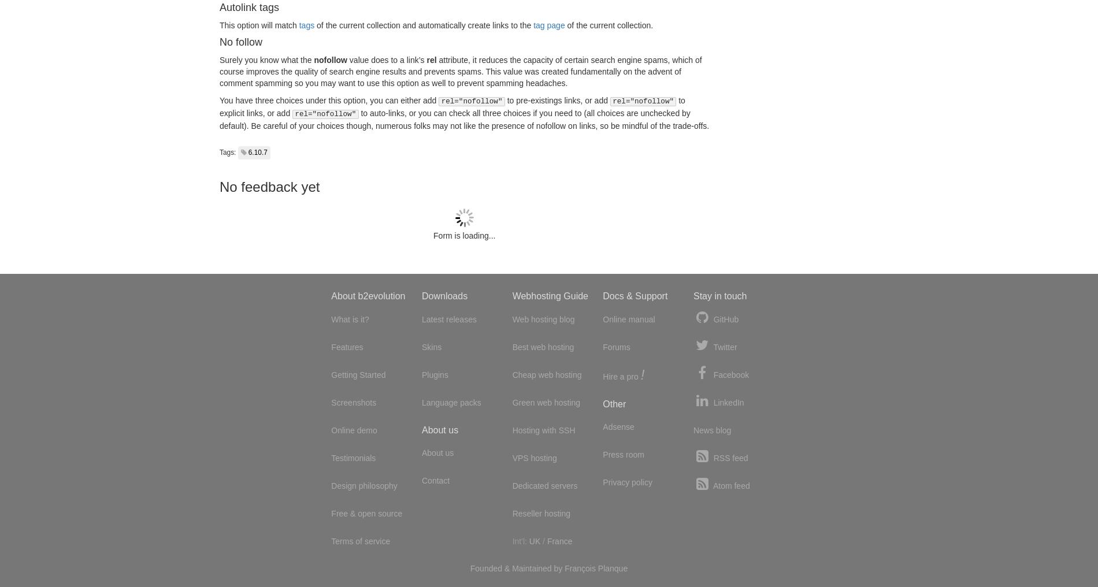 This screenshot has height=587, width=1098. I want to click on 'UK', so click(533, 540).